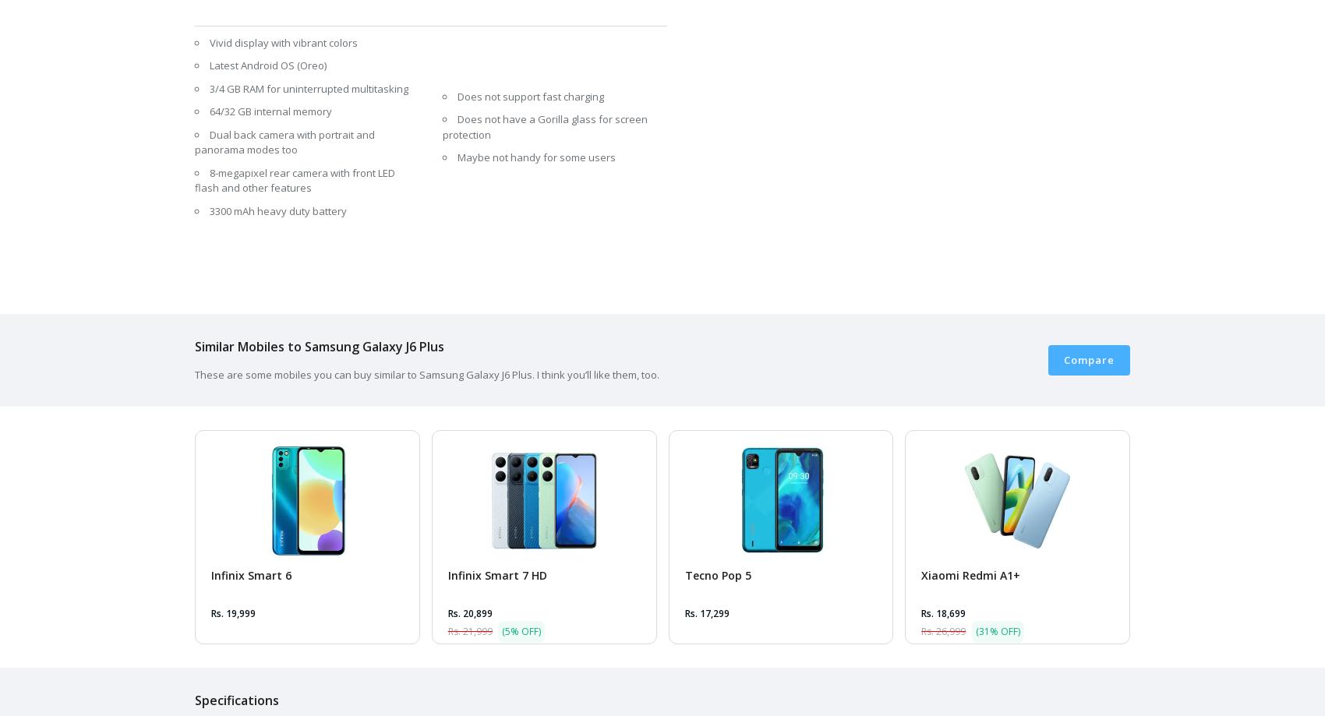 This screenshot has height=716, width=1325. Describe the element at coordinates (706, 612) in the screenshot. I see `'Rs. 17,299'` at that location.